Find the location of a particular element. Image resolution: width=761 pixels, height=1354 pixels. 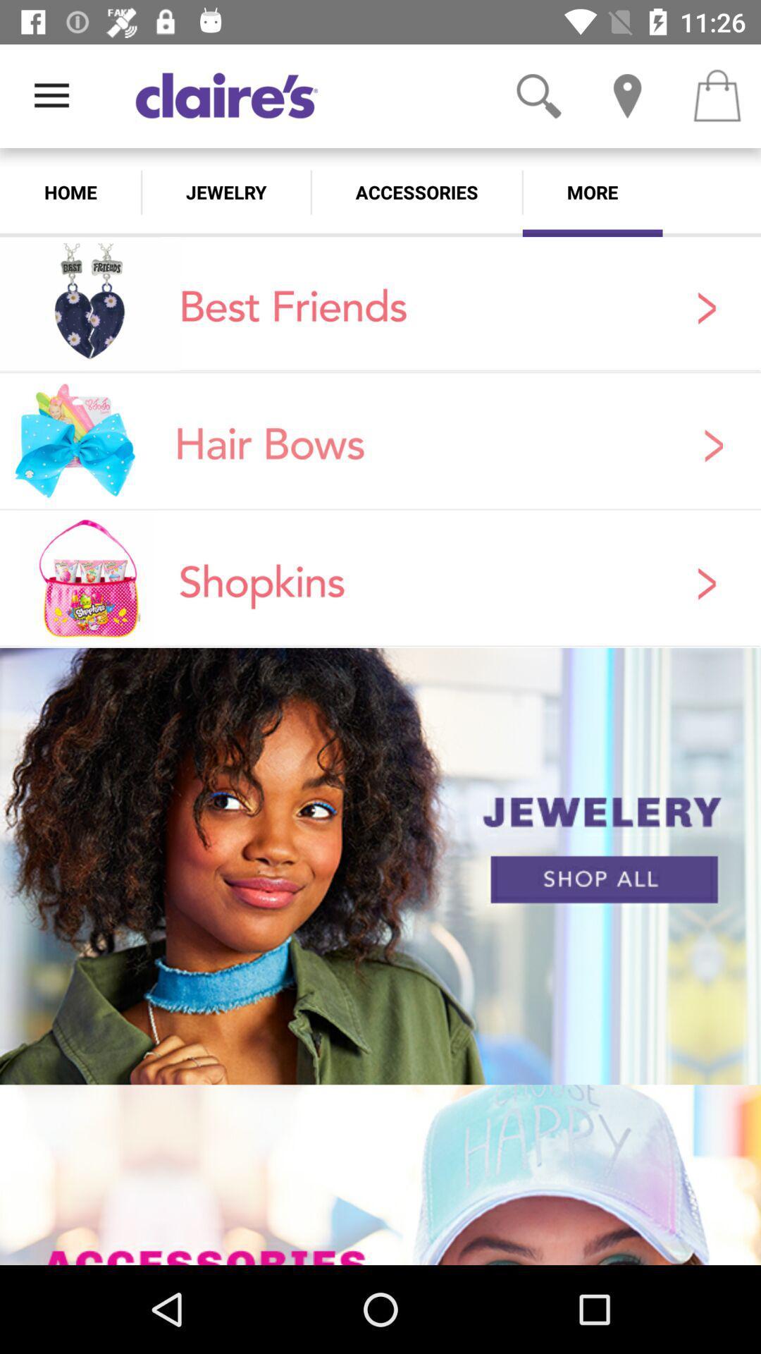

jewelry item is located at coordinates (225, 192).